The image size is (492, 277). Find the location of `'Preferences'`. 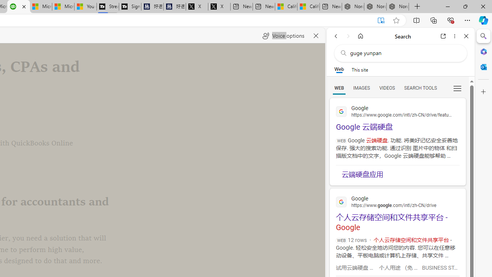

'Preferences' is located at coordinates (457, 87).